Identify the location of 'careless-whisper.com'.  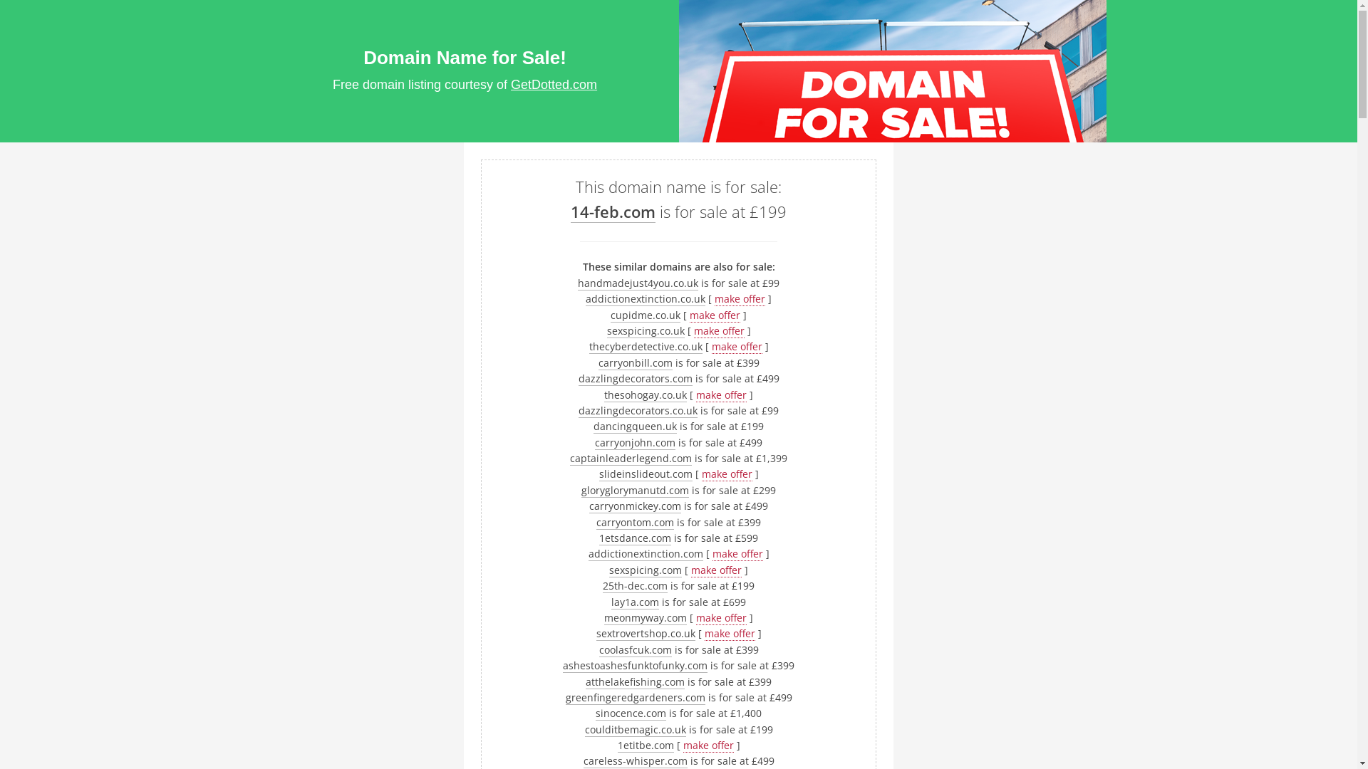
(634, 760).